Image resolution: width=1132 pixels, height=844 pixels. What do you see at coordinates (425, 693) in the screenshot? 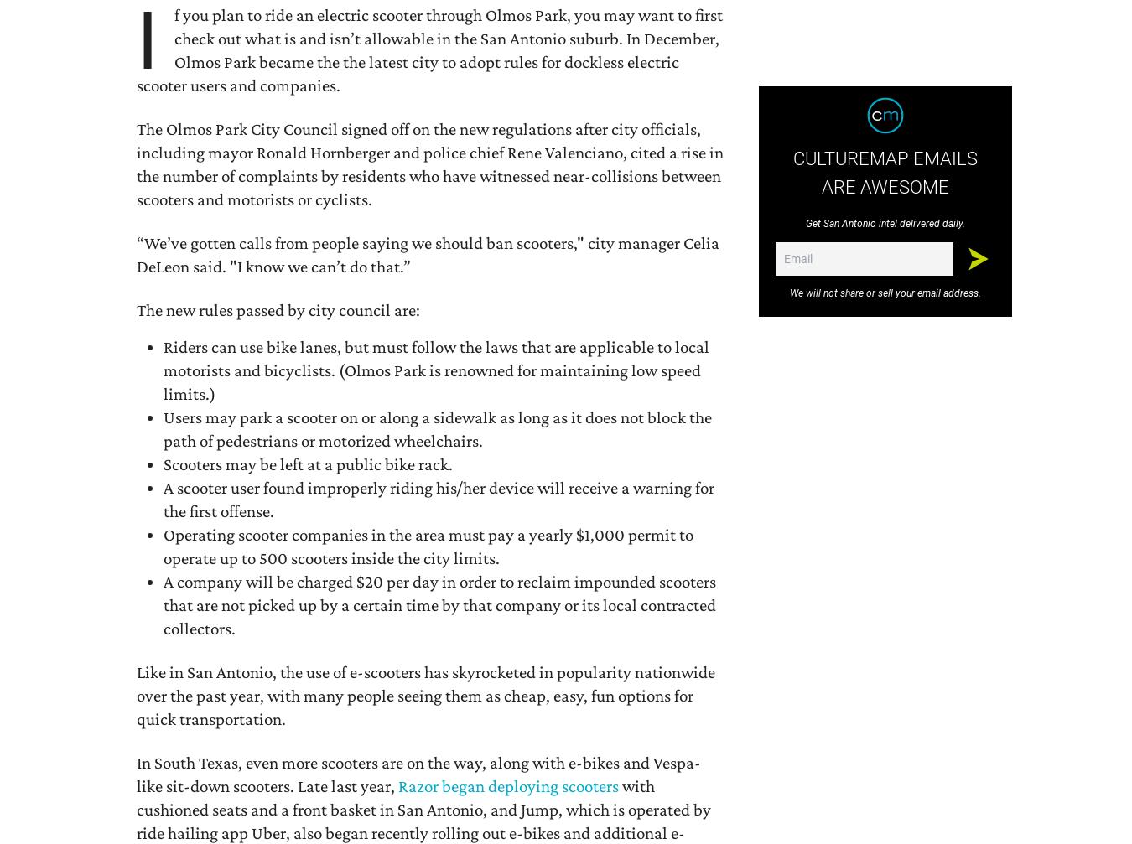
I see `'Like in San Antonio, the use of e-scooters has skyrocketed in popularity nationwide over the past year, with many people seeing them as cheap, easy, fun options for quick transportation.'` at bounding box center [425, 693].